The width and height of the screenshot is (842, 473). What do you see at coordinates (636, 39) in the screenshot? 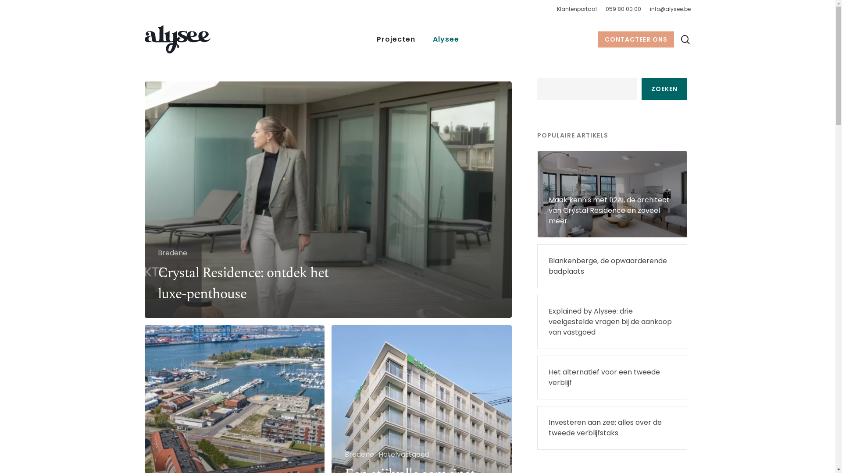
I see `'CONTACTEER ONS'` at bounding box center [636, 39].